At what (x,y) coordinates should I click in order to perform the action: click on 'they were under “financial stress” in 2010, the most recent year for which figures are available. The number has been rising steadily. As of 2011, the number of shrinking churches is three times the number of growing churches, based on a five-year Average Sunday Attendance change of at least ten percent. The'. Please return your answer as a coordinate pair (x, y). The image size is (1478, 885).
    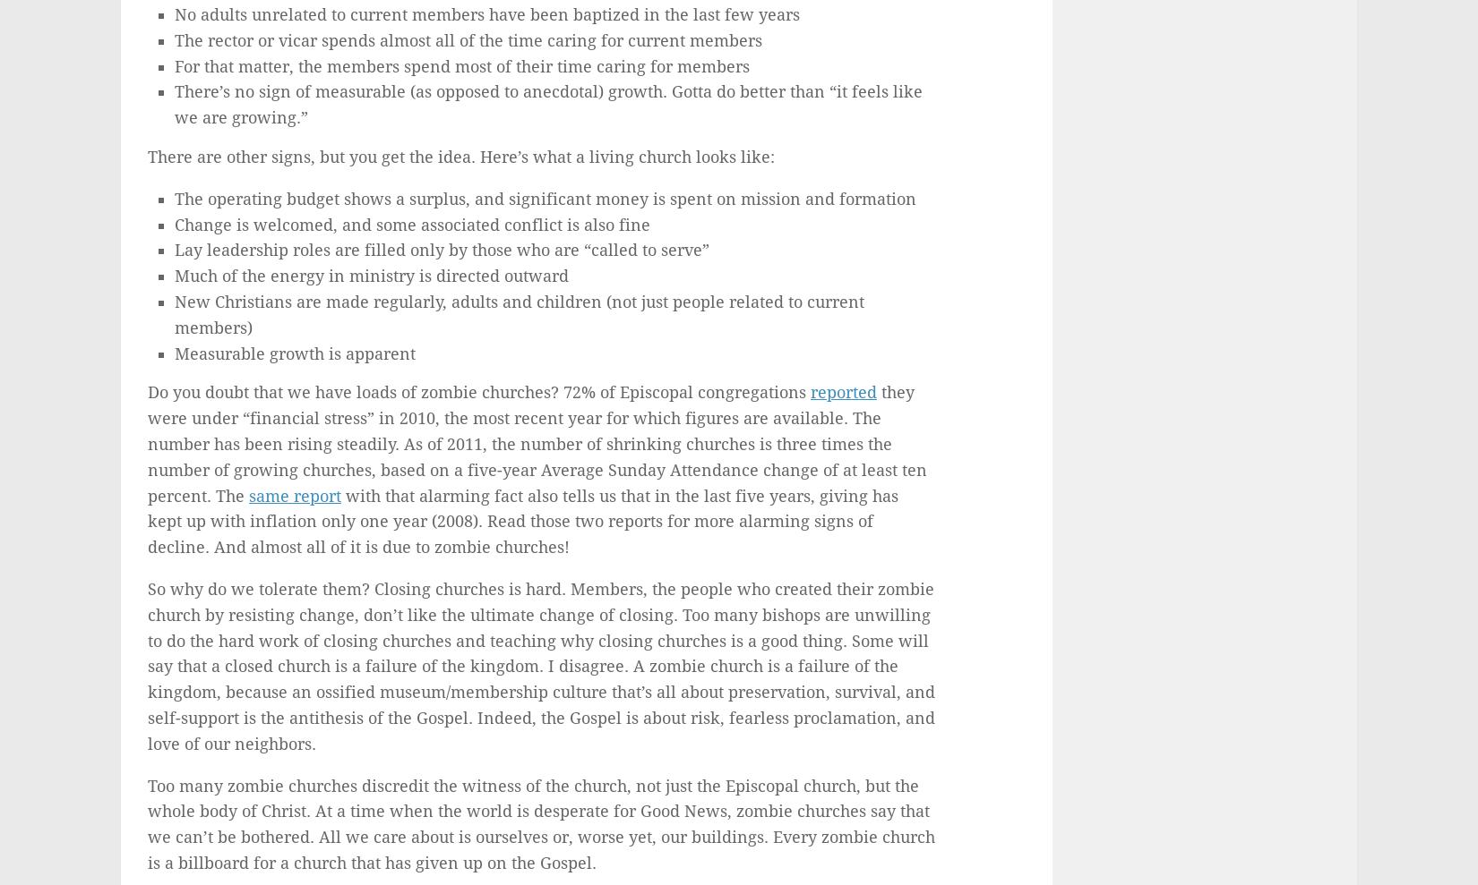
    Looking at the image, I should click on (536, 442).